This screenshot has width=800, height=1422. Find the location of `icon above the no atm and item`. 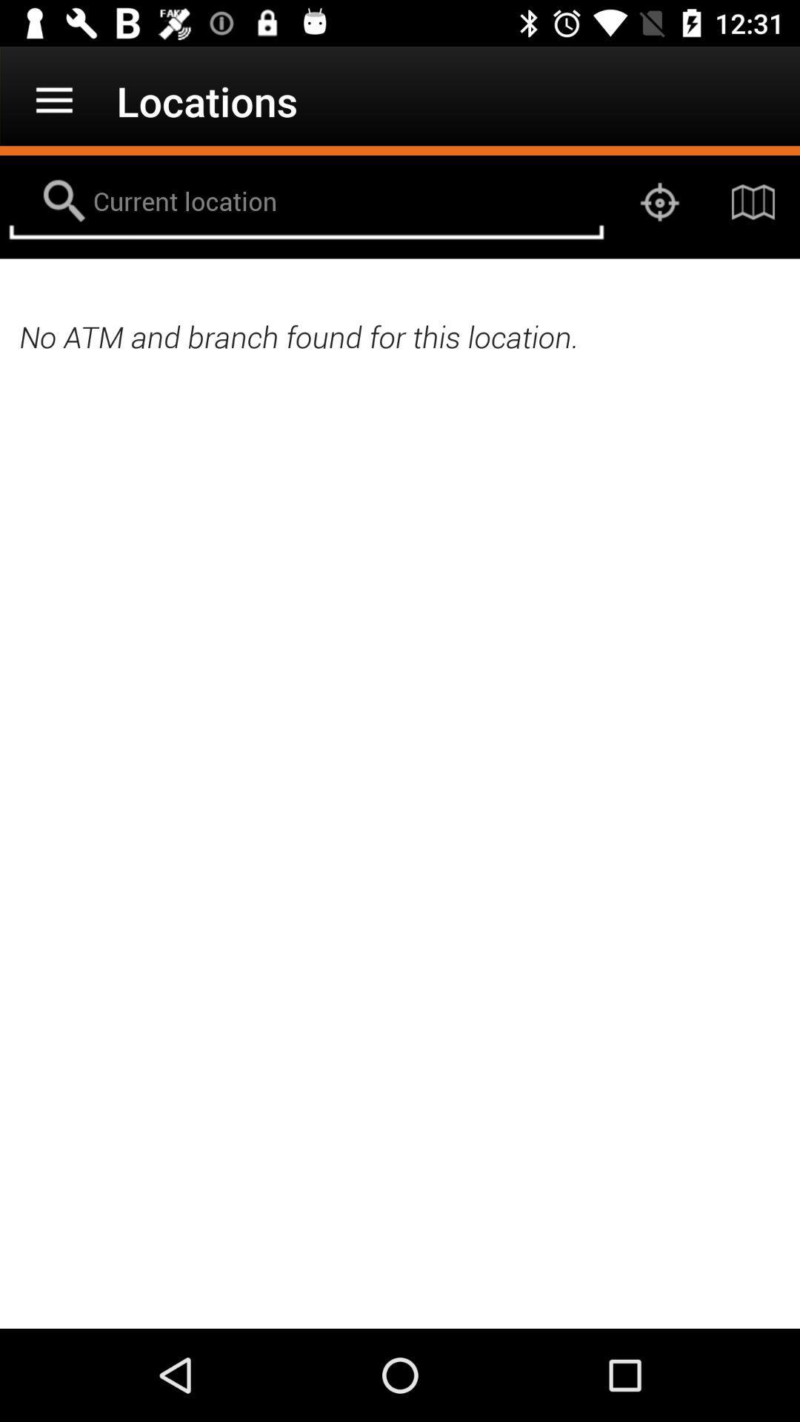

icon above the no atm and item is located at coordinates (753, 201).